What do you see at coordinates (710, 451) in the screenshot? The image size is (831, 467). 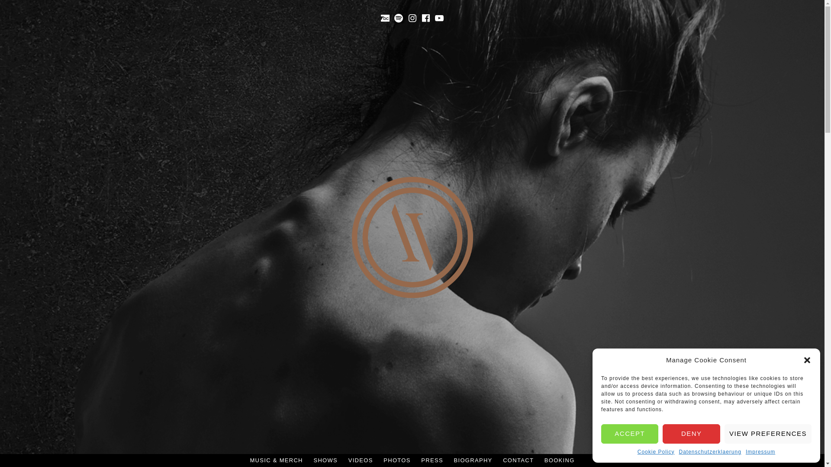 I see `'Datenschutzerklaerung'` at bounding box center [710, 451].